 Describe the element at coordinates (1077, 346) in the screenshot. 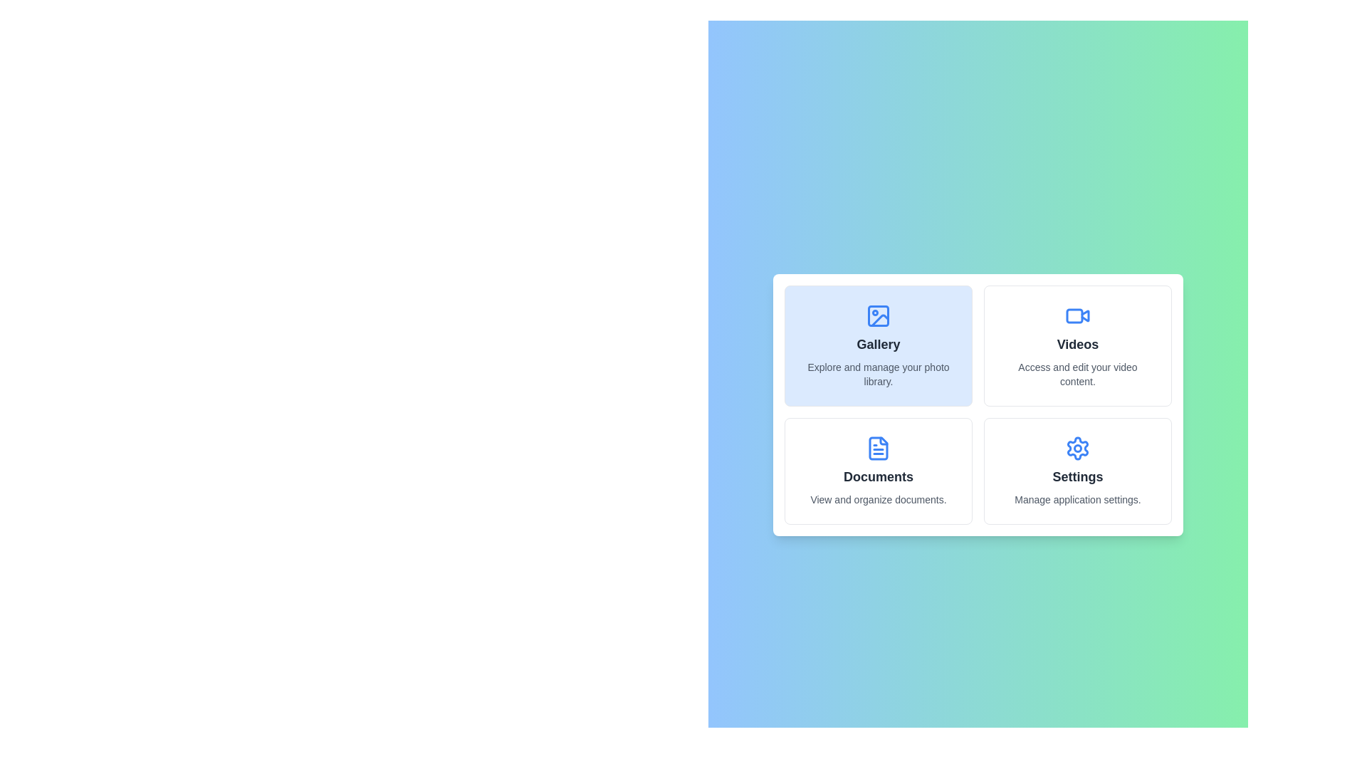

I see `the panel corresponding to Videos` at that location.